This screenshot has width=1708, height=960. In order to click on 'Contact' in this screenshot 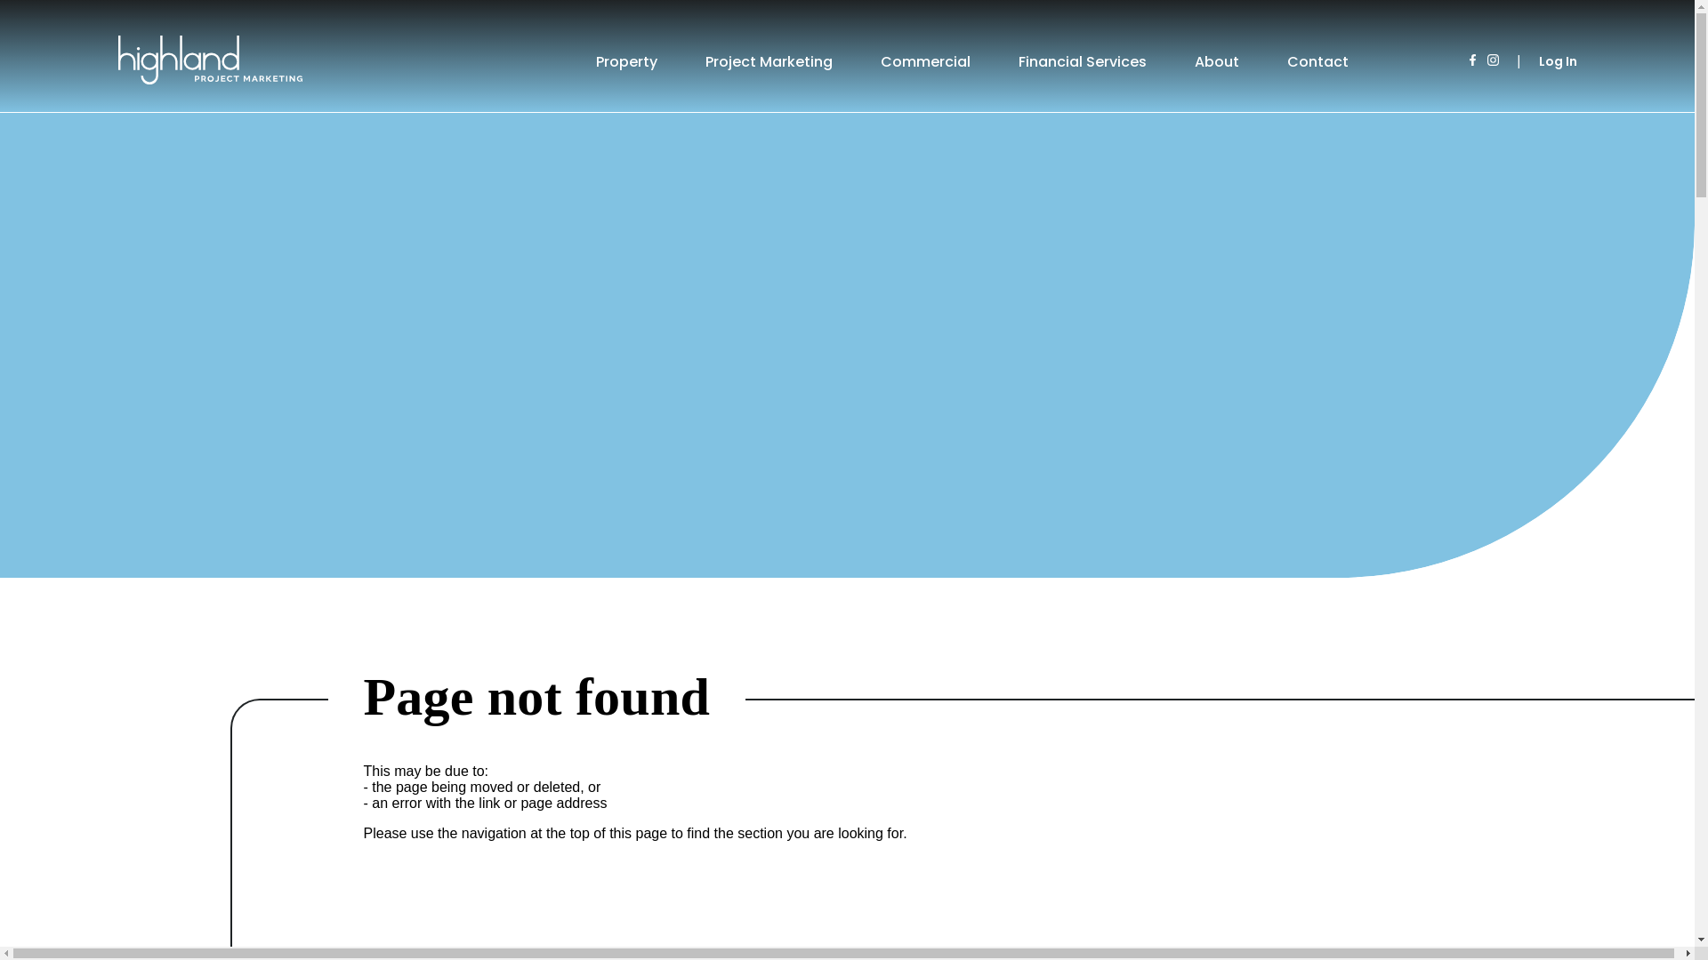, I will do `click(1286, 60)`.